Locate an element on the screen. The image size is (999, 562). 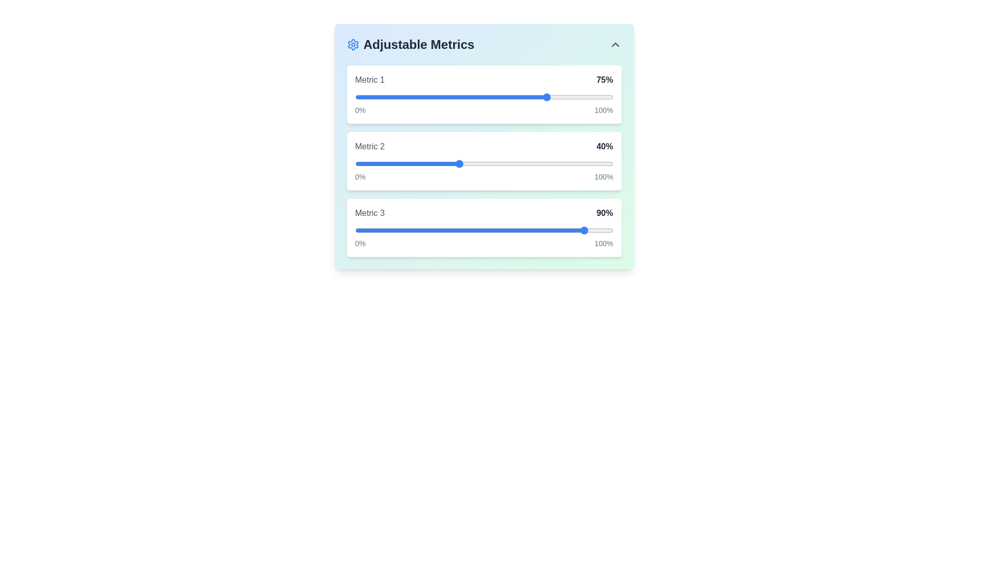
the Metric 2 slider is located at coordinates (486, 164).